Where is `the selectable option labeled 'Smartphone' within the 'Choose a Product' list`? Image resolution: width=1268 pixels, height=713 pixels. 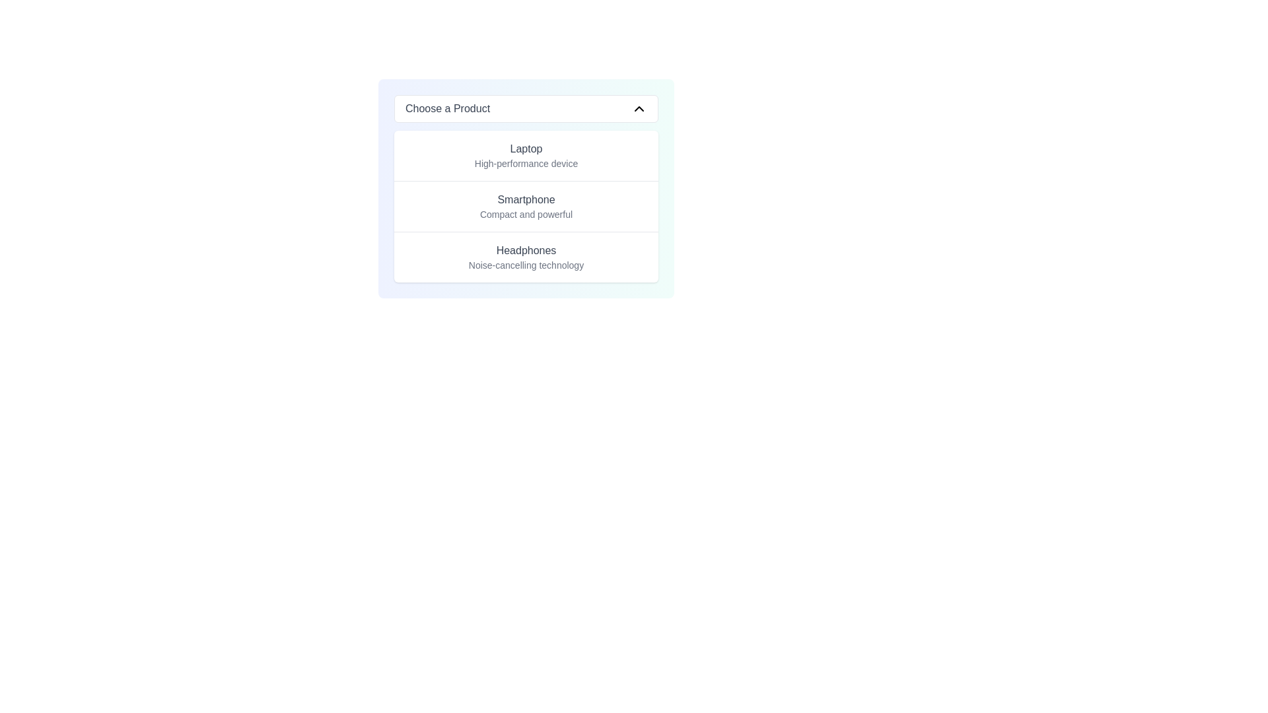
the selectable option labeled 'Smartphone' within the 'Choose a Product' list is located at coordinates (525, 206).